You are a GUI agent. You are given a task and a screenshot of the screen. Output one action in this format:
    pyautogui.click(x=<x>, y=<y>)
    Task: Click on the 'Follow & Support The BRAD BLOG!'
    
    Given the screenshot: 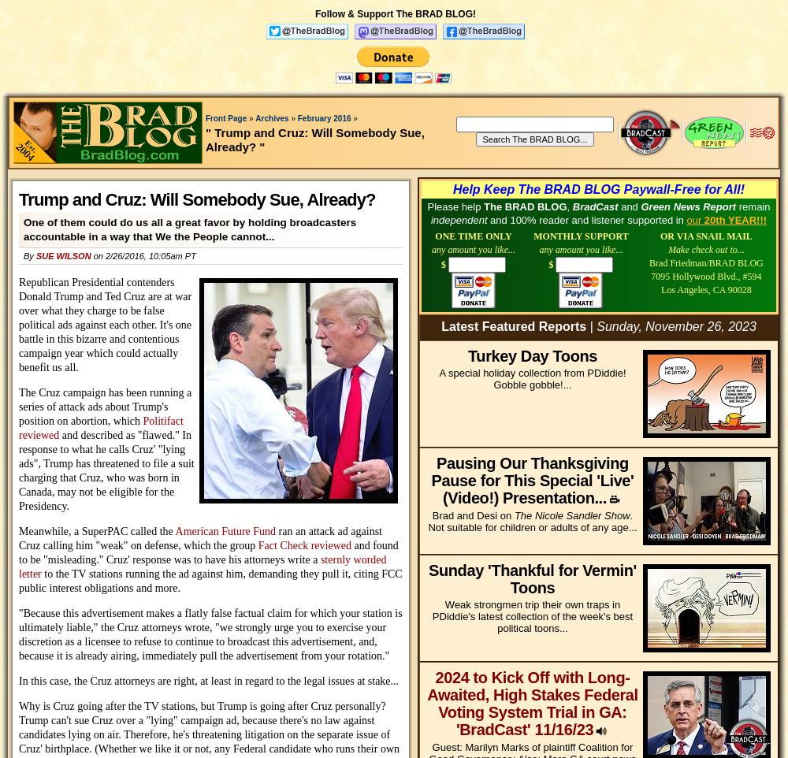 What is the action you would take?
    pyautogui.click(x=395, y=13)
    